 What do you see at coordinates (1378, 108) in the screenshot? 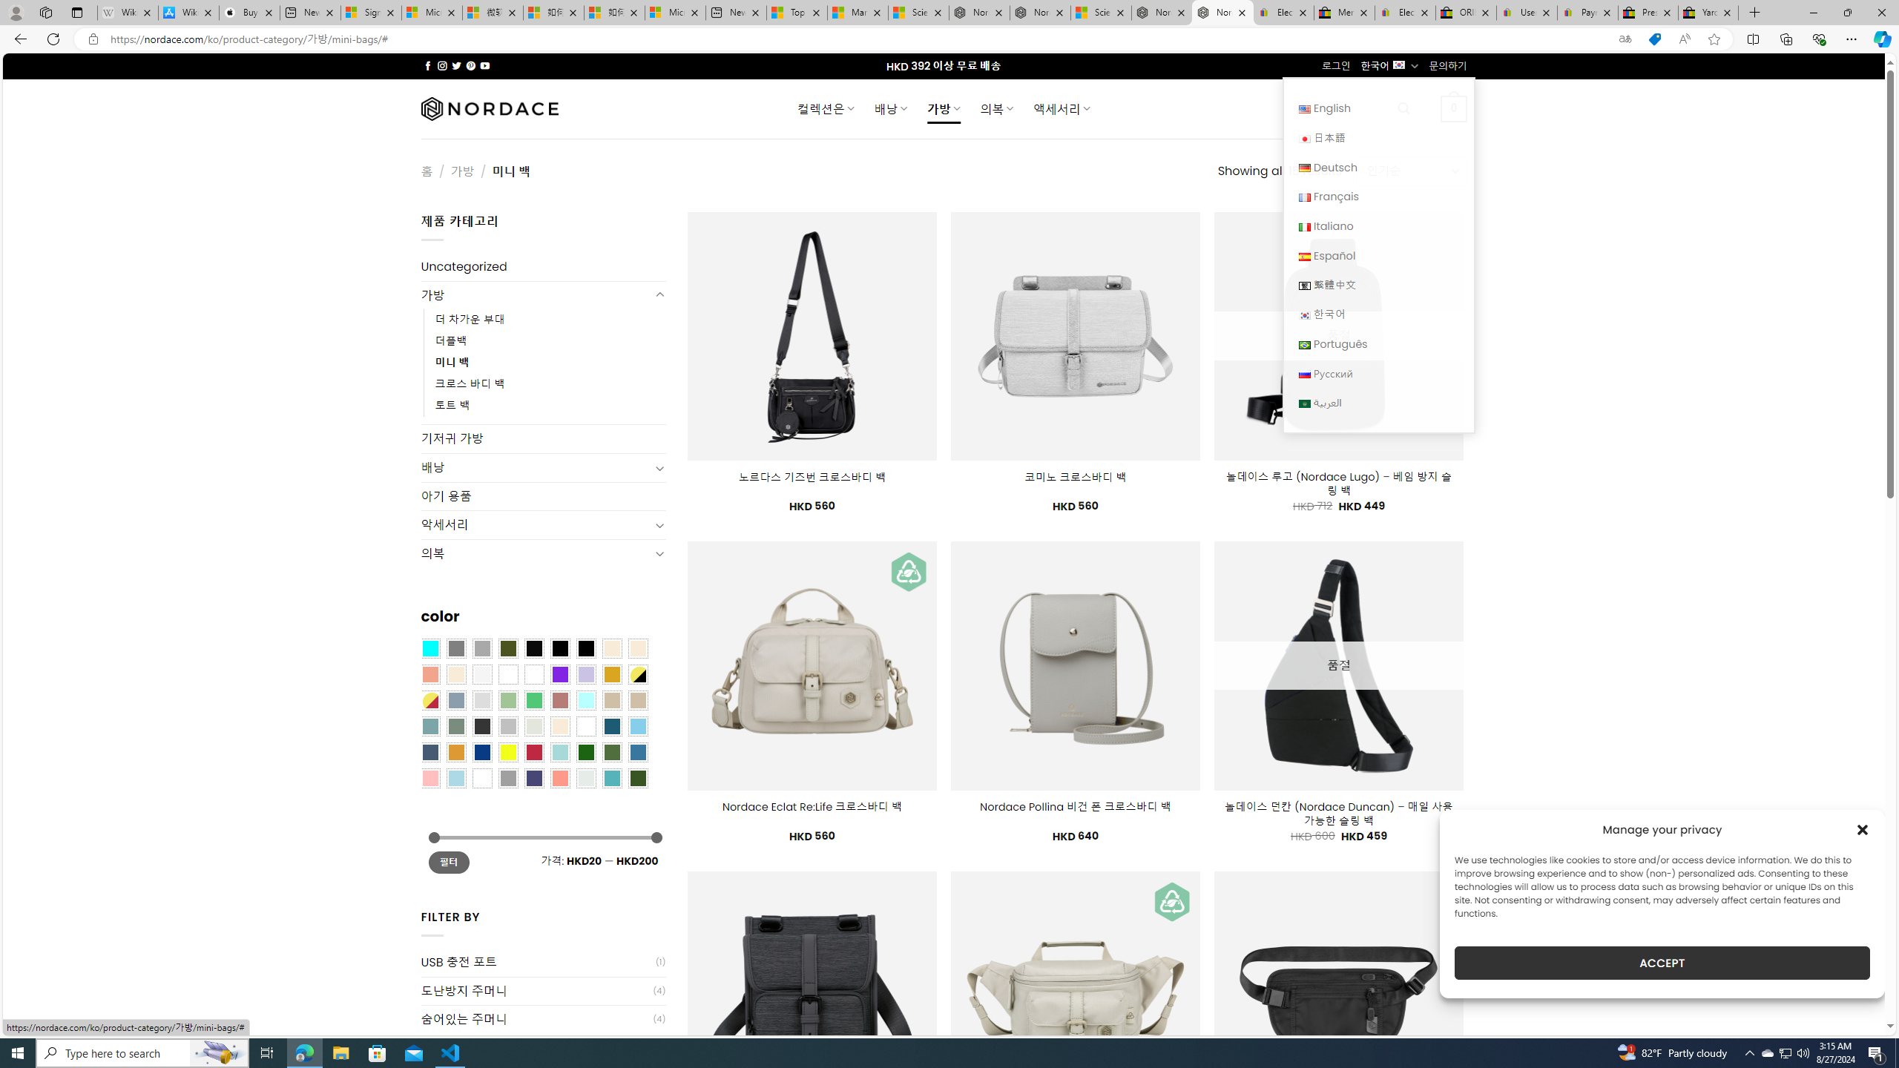
I see `'English English'` at bounding box center [1378, 108].